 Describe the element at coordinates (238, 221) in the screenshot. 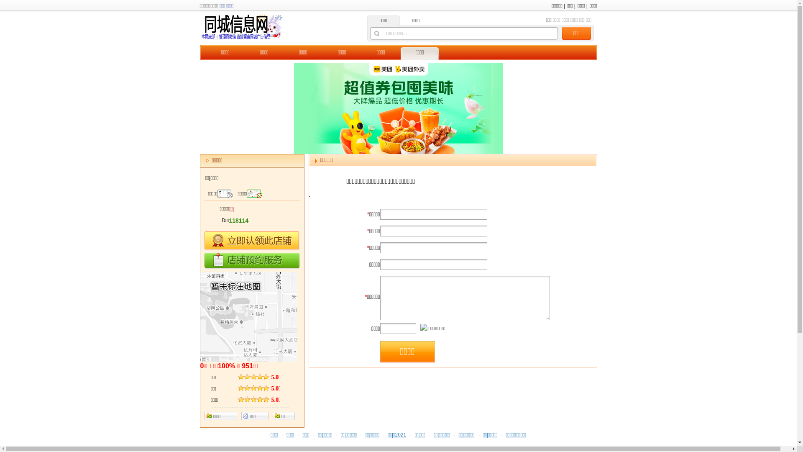

I see `'118114'` at that location.